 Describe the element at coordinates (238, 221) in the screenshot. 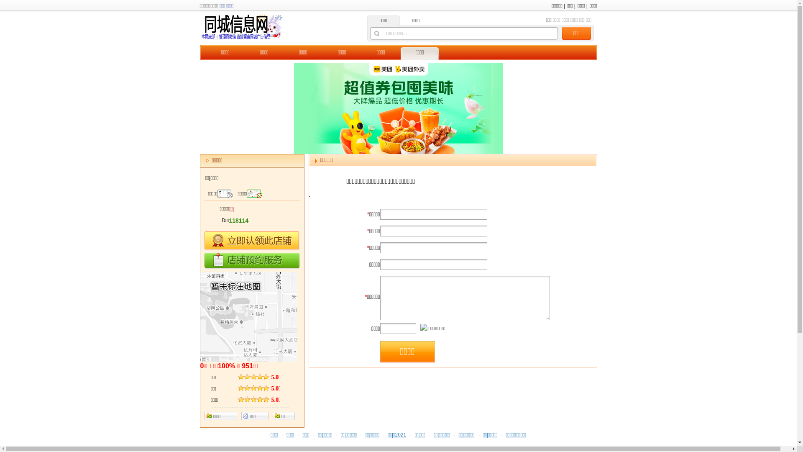

I see `'118114'` at that location.